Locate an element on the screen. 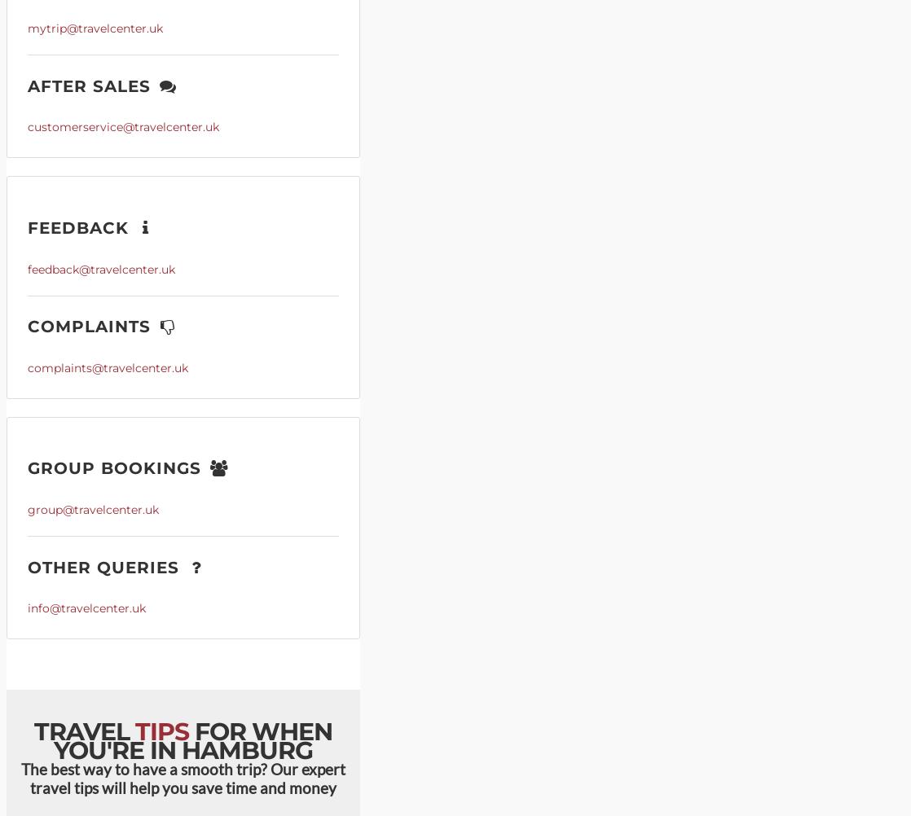 Image resolution: width=911 pixels, height=816 pixels. 'group@travelcenter.uk' is located at coordinates (93, 508).